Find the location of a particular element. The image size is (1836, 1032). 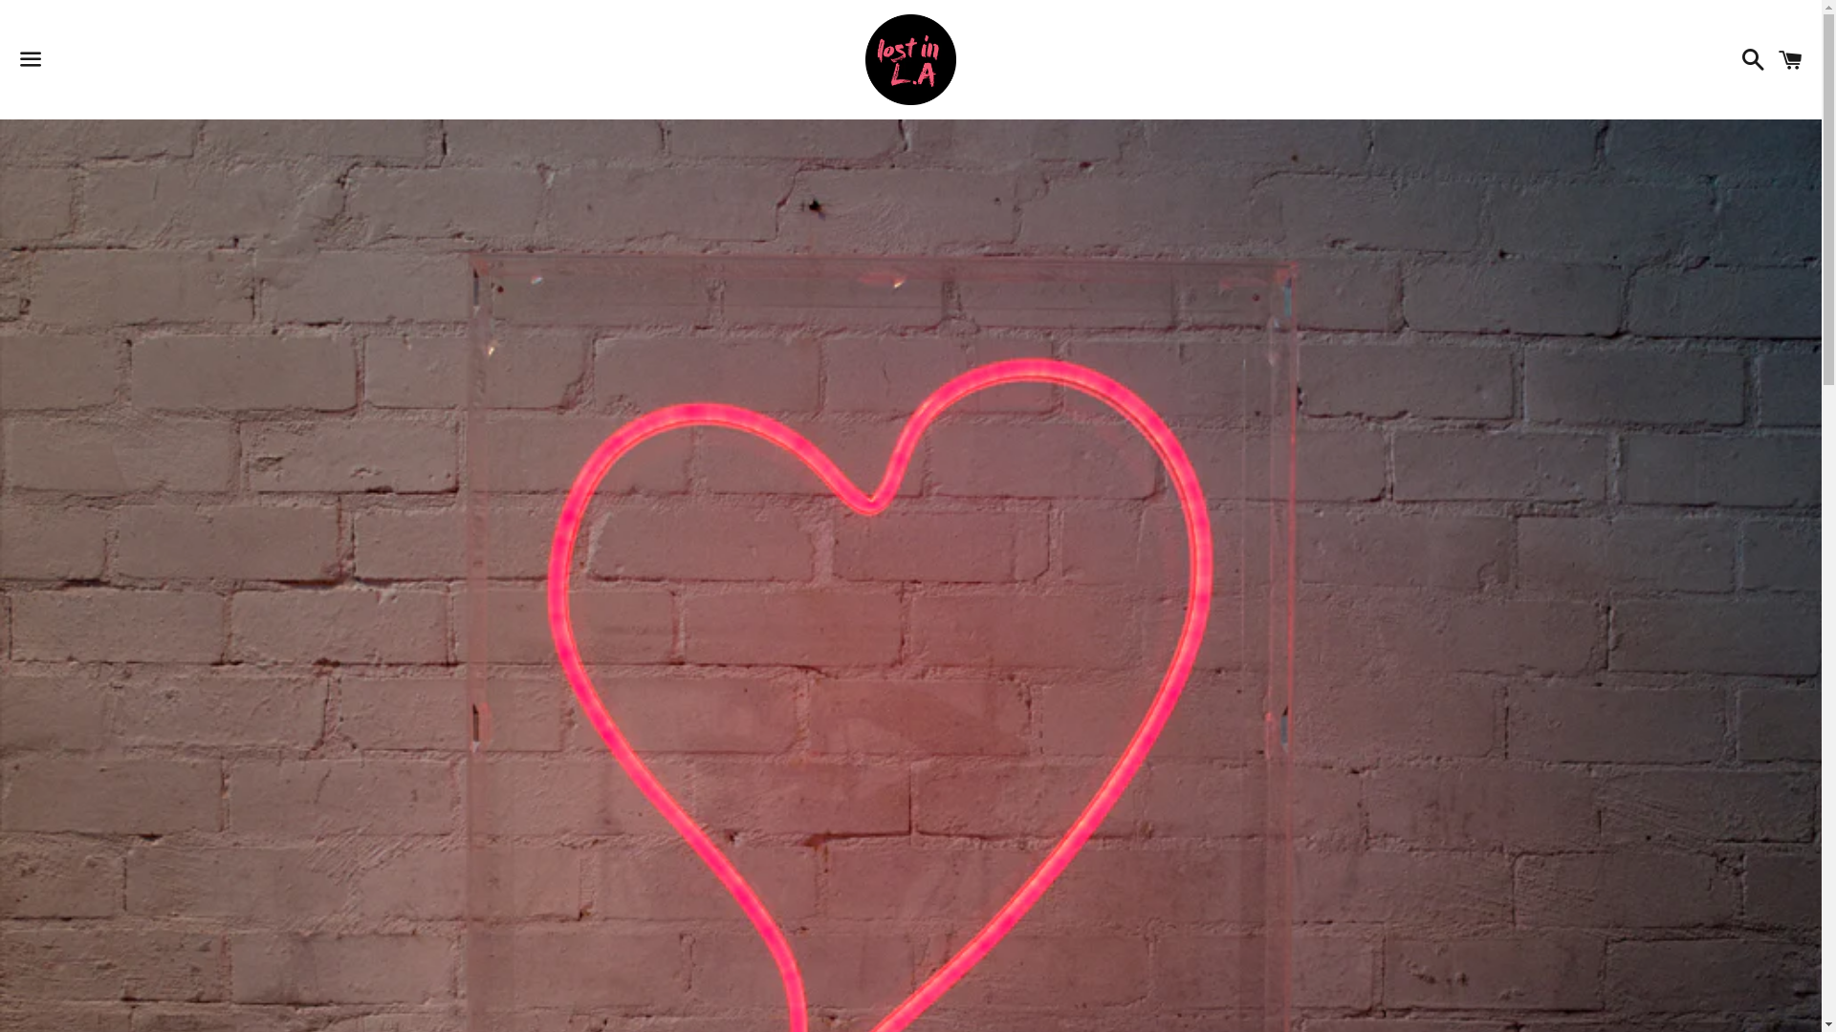

'Cart' is located at coordinates (1789, 57).